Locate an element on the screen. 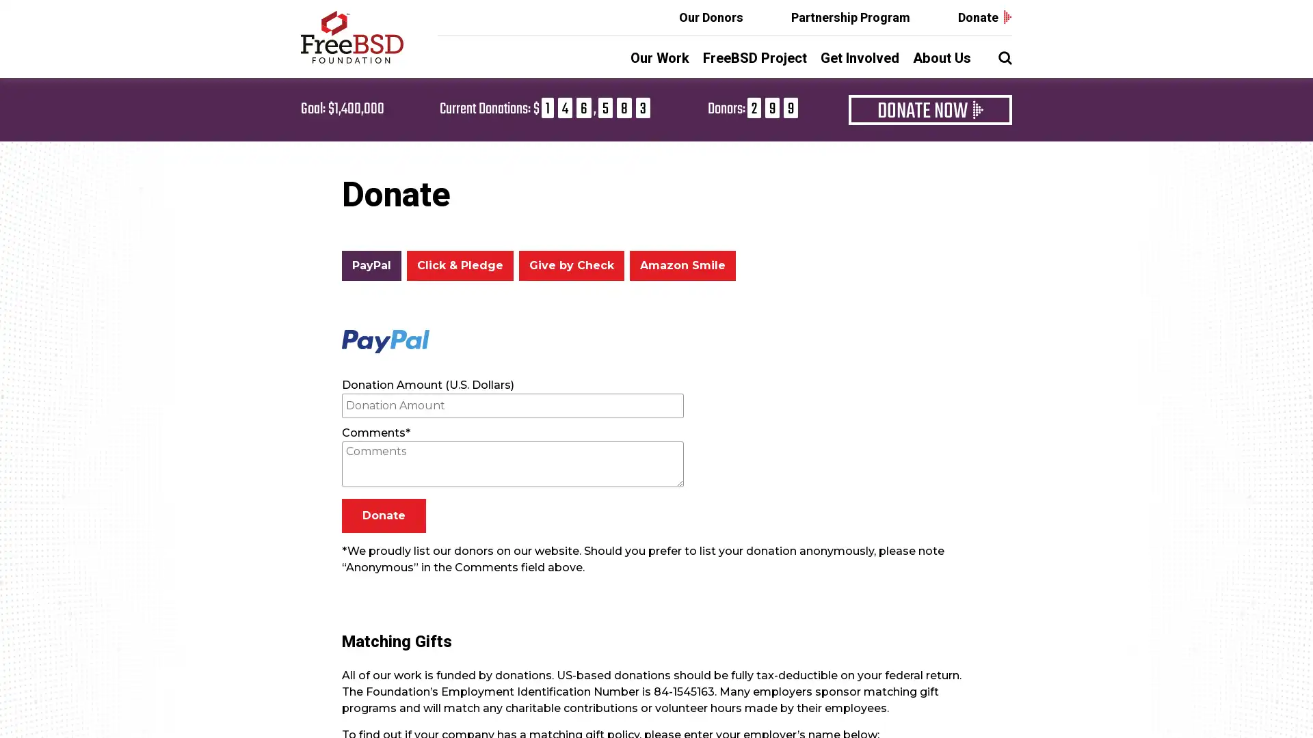 The image size is (1313, 738). Donate is located at coordinates (383, 516).